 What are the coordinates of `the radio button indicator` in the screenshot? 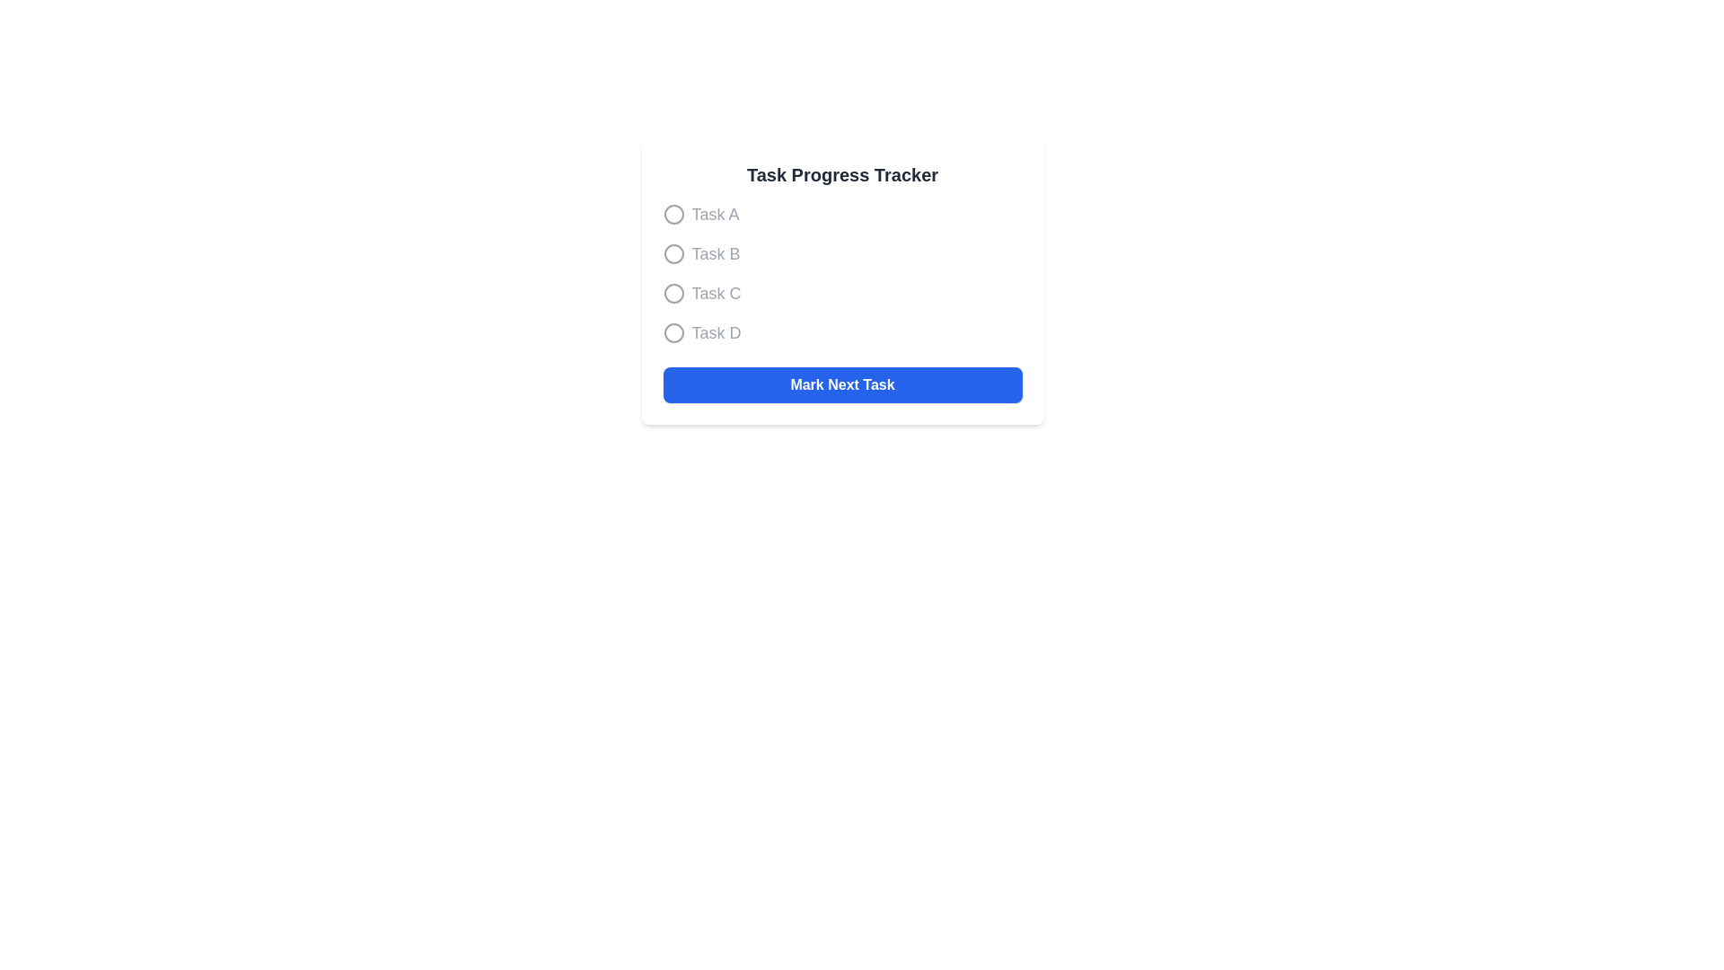 It's located at (673, 253).